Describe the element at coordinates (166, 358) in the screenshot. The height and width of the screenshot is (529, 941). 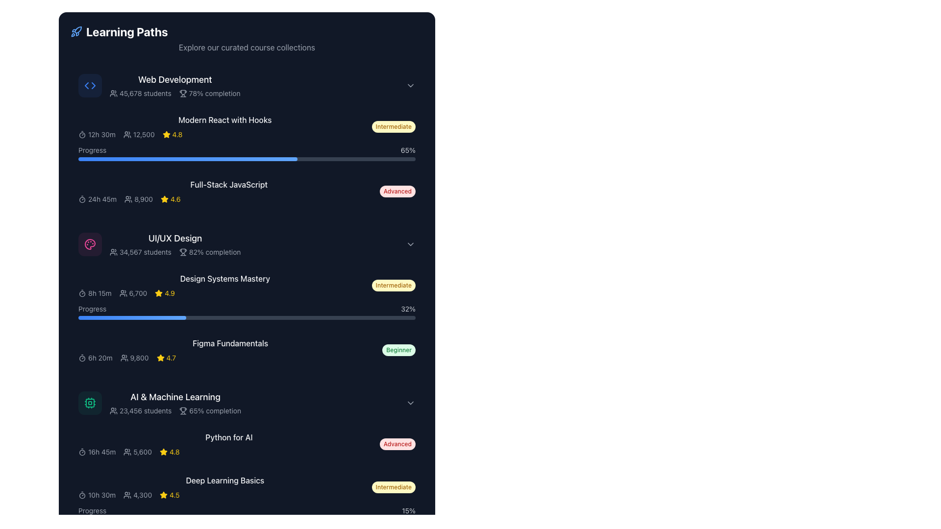
I see `the Rating display component for the 'Figma Fundamentals' course, which shows the average user rating and is positioned beneath the 'UI/UX Design' section` at that location.